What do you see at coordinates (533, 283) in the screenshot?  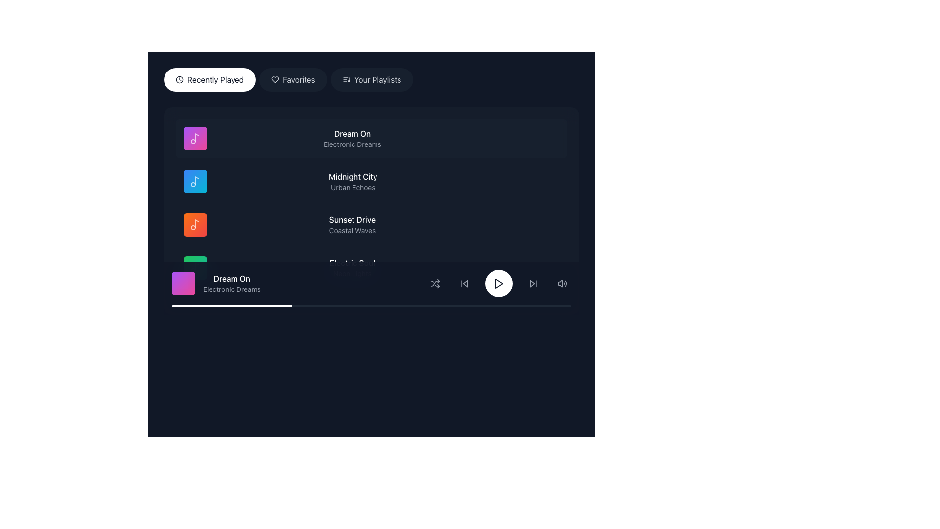 I see `the skip-forward button, which is represented by a right-facing triangle and vertical line, located in the bottom playback control area to the right of the central play button` at bounding box center [533, 283].